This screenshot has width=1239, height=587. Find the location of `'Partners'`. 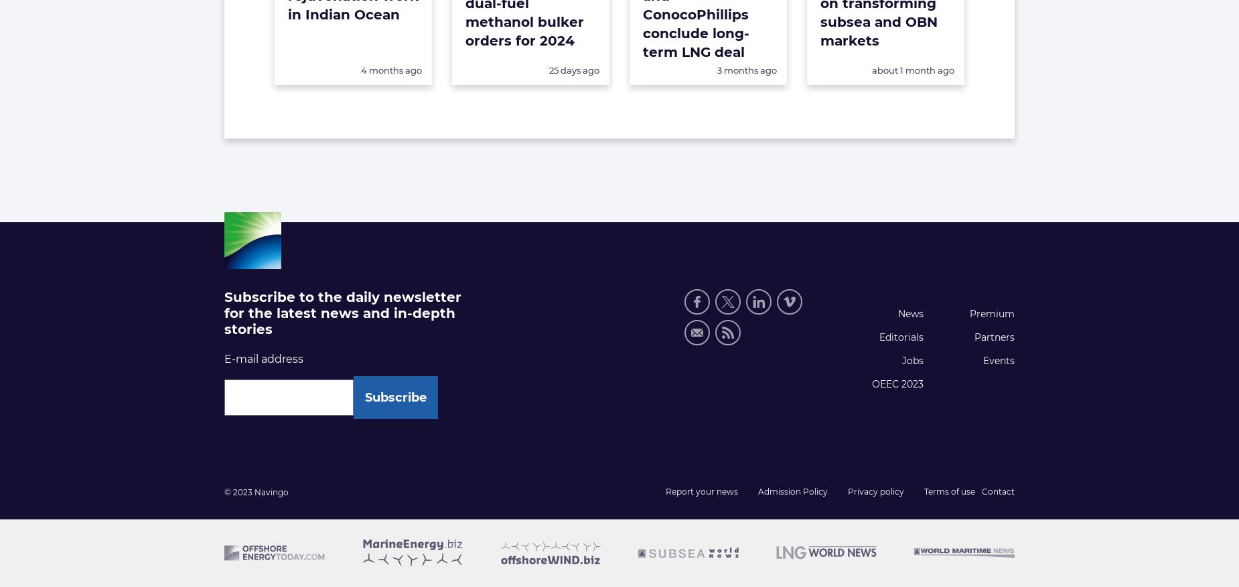

'Partners' is located at coordinates (973, 335).